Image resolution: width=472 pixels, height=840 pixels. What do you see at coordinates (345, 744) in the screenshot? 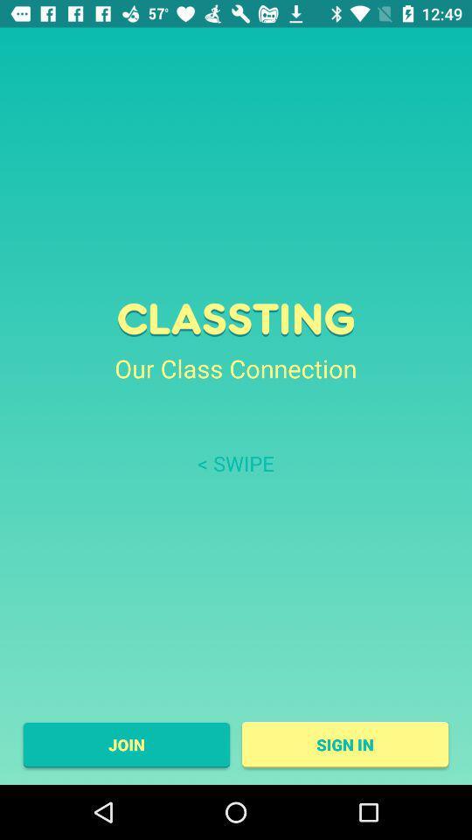
I see `item at the bottom right corner` at bounding box center [345, 744].